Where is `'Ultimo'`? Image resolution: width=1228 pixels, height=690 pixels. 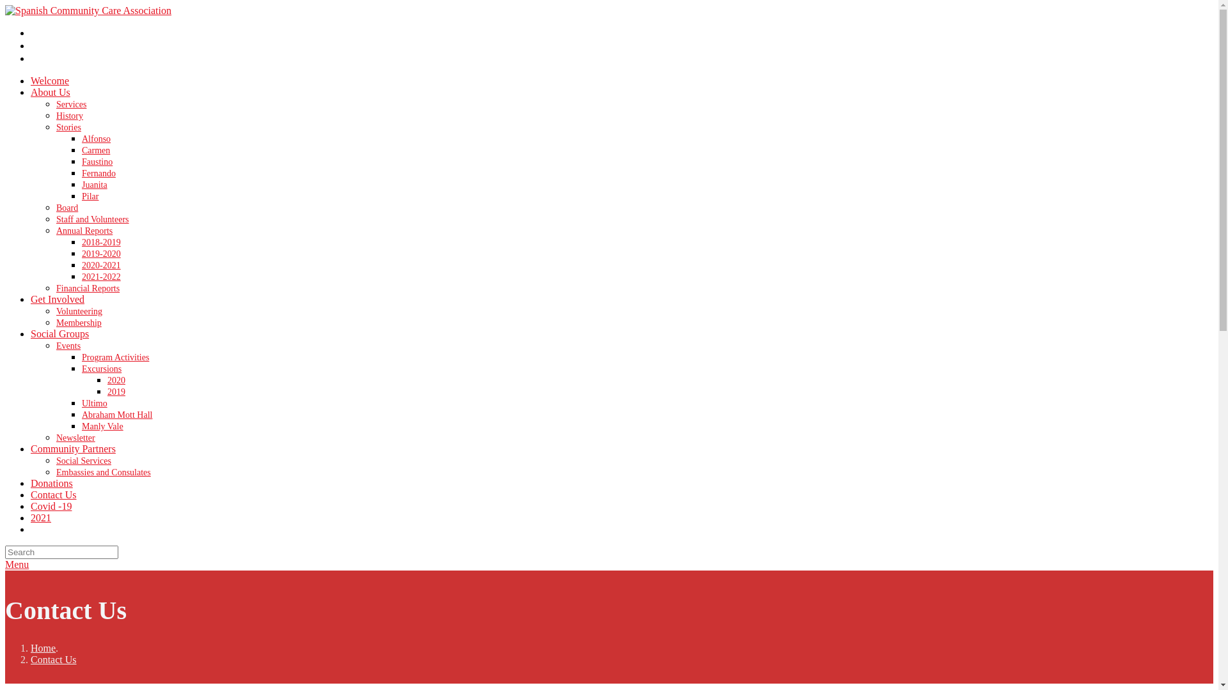 'Ultimo' is located at coordinates (94, 403).